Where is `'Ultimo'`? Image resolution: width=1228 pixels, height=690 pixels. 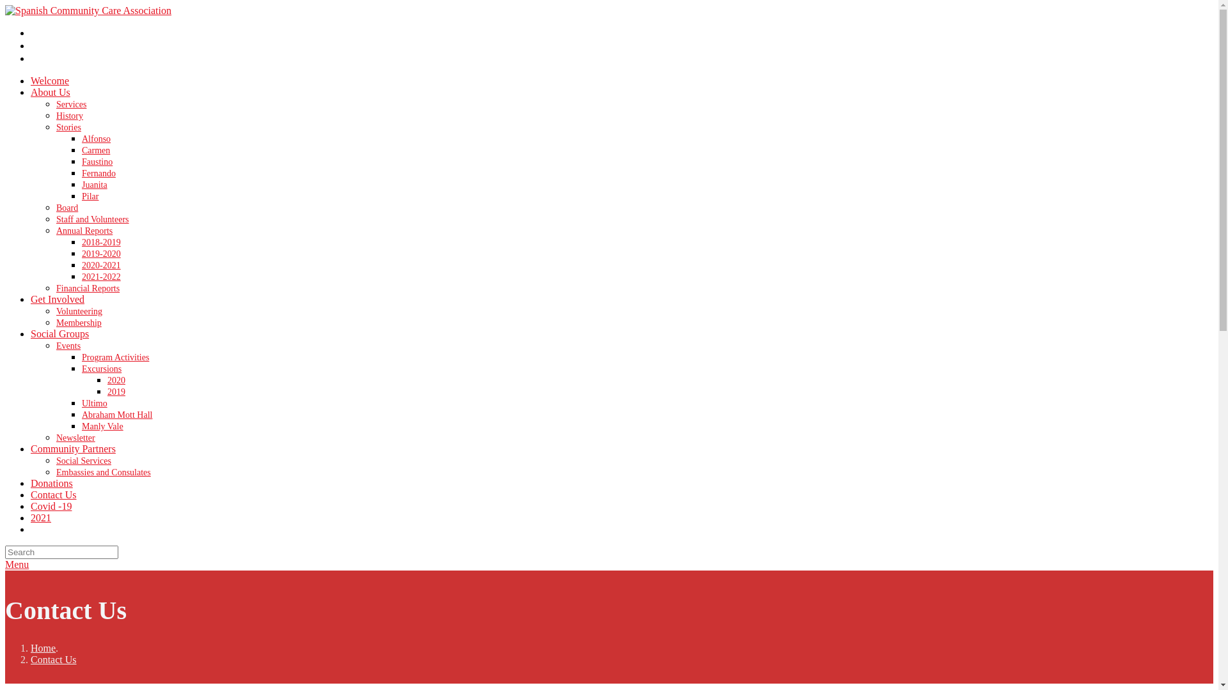 'Ultimo' is located at coordinates (94, 403).